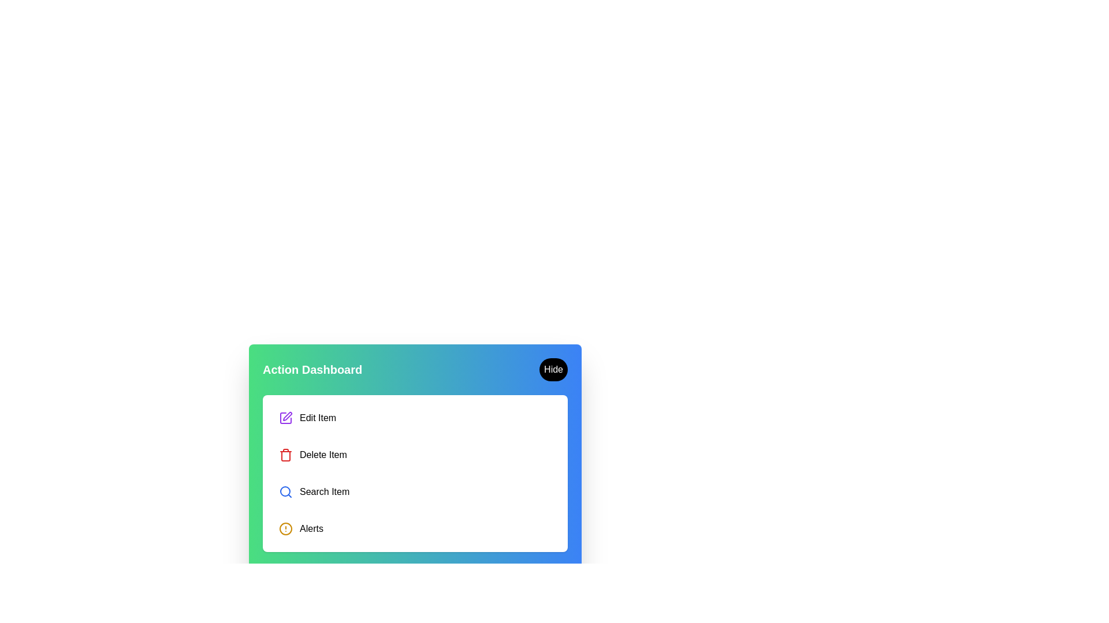 Image resolution: width=1109 pixels, height=623 pixels. What do you see at coordinates (311, 529) in the screenshot?
I see `the fourth text label in the 'Action Dashboard' dropdown menu` at bounding box center [311, 529].